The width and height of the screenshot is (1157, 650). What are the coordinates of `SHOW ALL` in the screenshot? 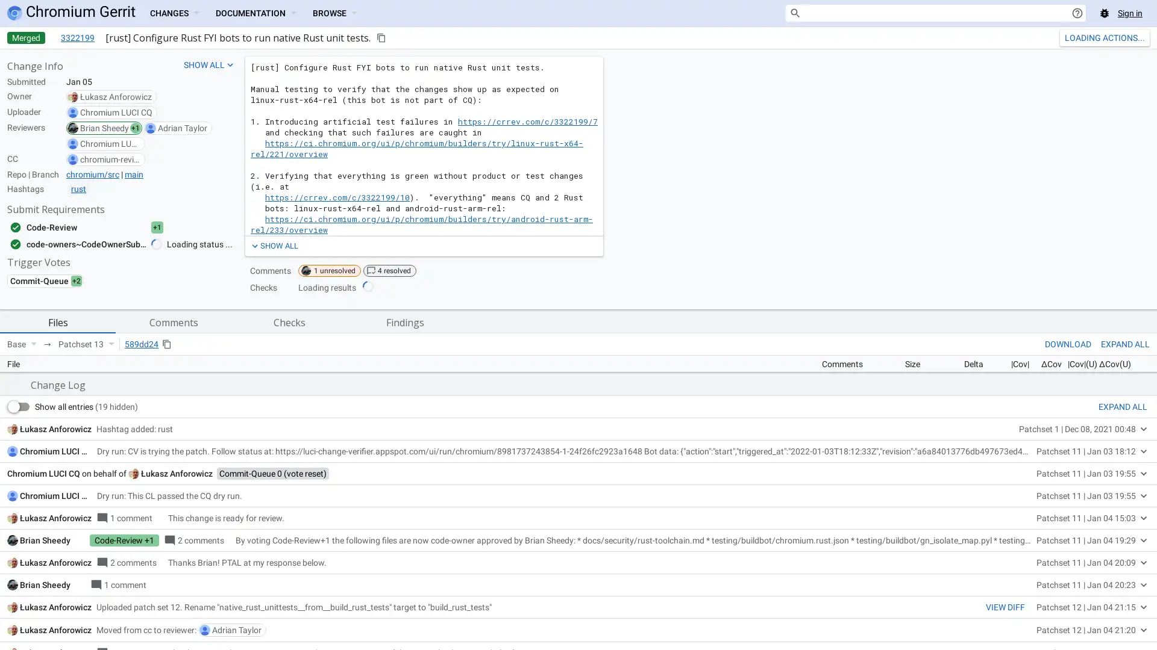 It's located at (209, 65).